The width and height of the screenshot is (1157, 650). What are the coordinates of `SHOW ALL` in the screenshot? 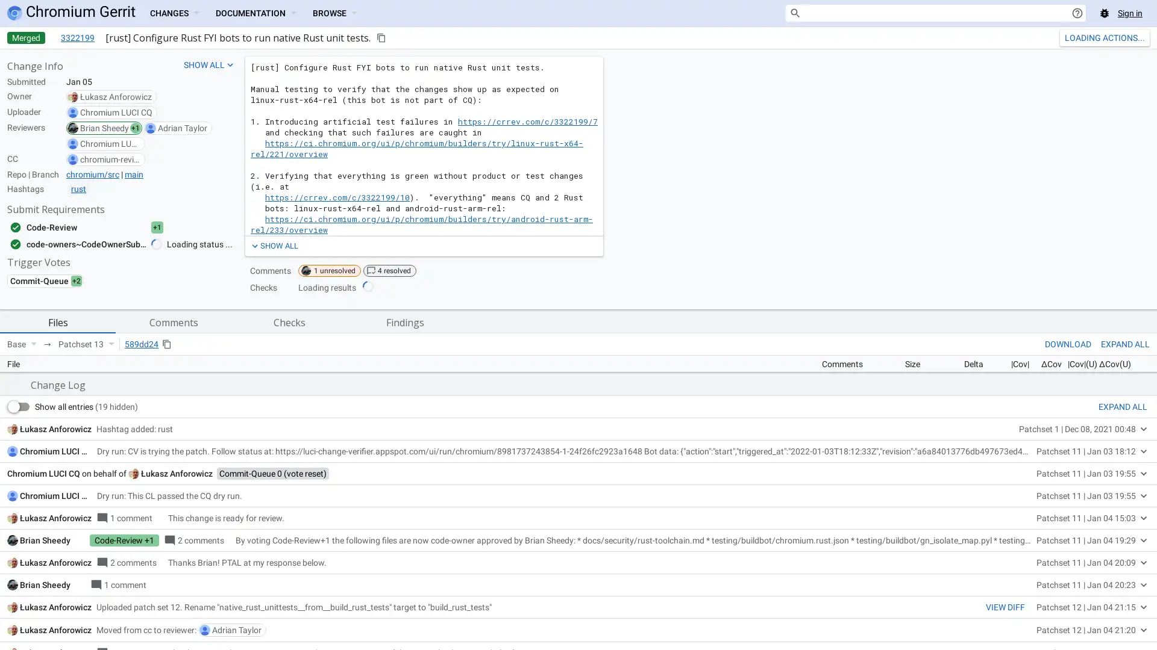 It's located at (209, 65).